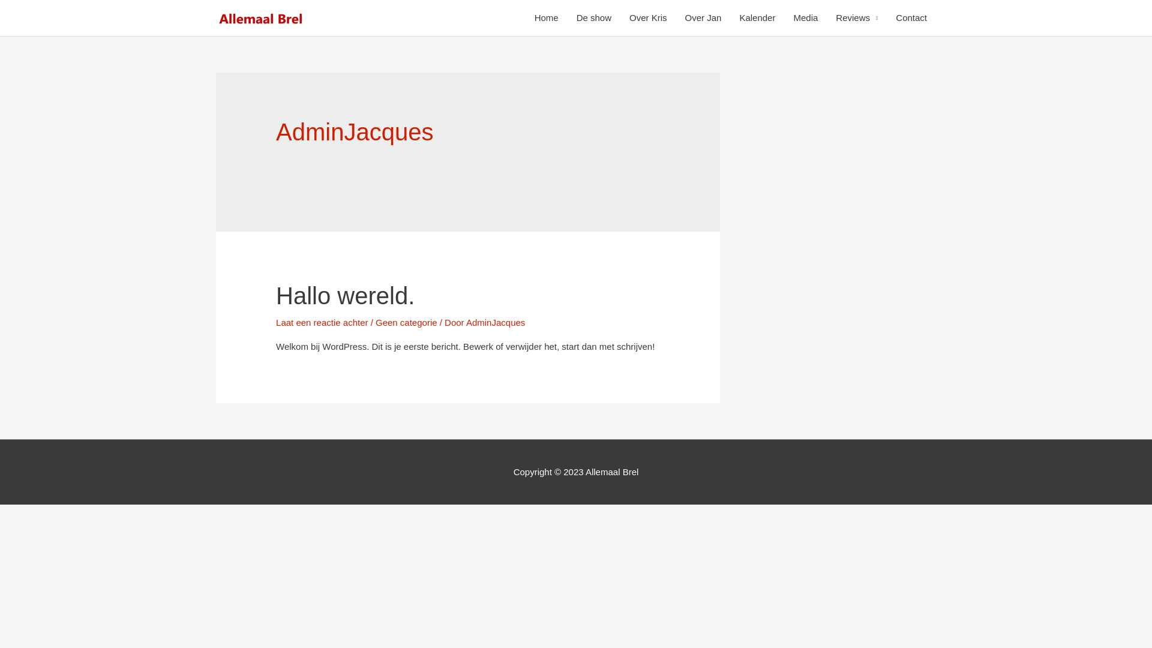  What do you see at coordinates (805, 18) in the screenshot?
I see `'Media'` at bounding box center [805, 18].